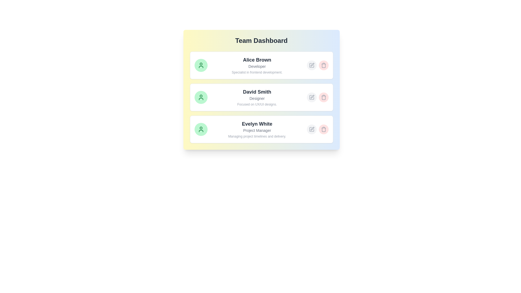 Image resolution: width=521 pixels, height=293 pixels. Describe the element at coordinates (201, 97) in the screenshot. I see `the user profile icon, which is a simplistic green head and shoulders outline located within a light green circular area, positioned to the left of the 'Alice Brown - Developer' card` at that location.